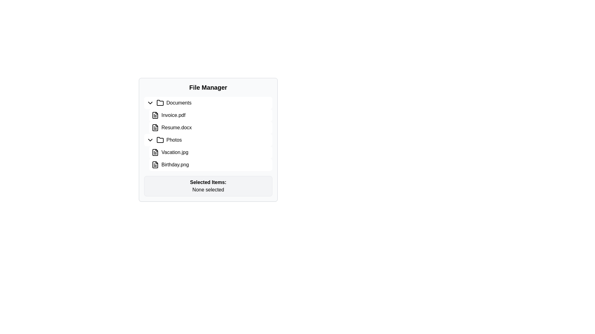  Describe the element at coordinates (174, 140) in the screenshot. I see `the label for the 'Photos' folder, which is the second folder label in a vertical list, positioned below 'Documents'` at that location.